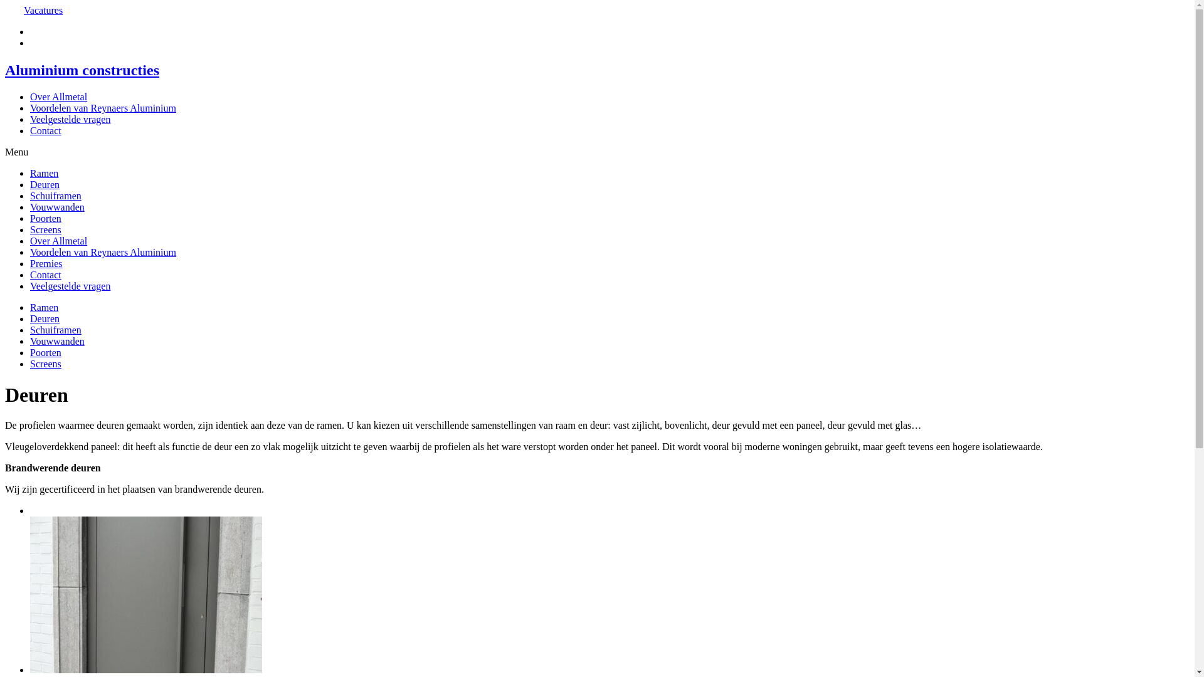 Image resolution: width=1204 pixels, height=677 pixels. I want to click on 'Over Allmetal', so click(30, 96).